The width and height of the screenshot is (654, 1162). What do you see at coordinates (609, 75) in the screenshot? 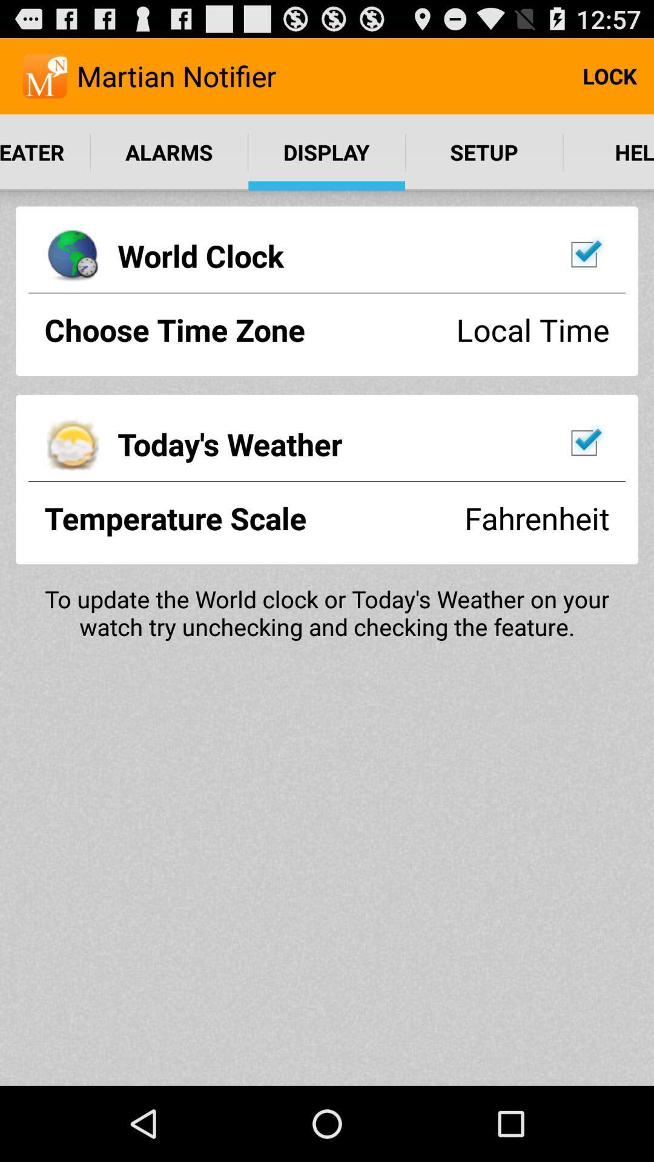
I see `lock` at bounding box center [609, 75].